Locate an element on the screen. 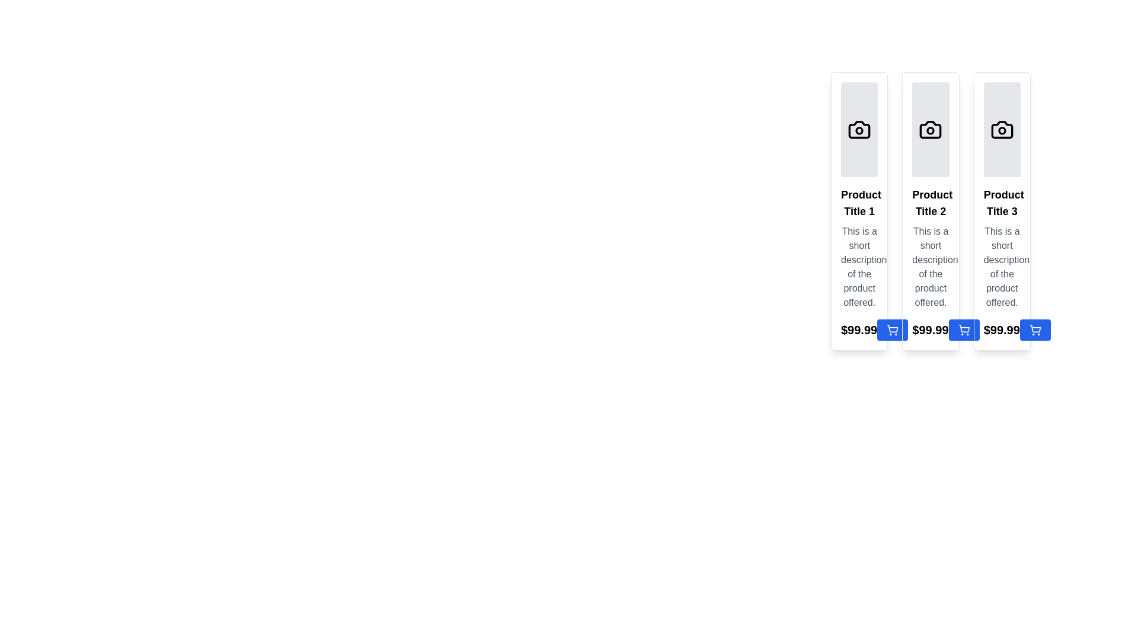  the camera-related icon located at the top of the product card in the third column of the horizontally aligned row, which is visually separated by a grey rectangular background is located at coordinates (1001, 130).